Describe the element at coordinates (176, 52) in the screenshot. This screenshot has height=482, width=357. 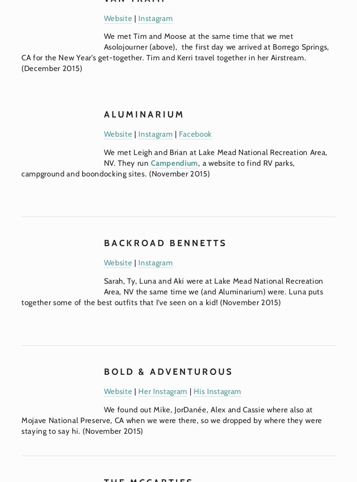
I see `'We met Tim and Moose at the same time that we met Asolojourner (above),  the first day we arrived at Borrego Springs, CA for the New Year’s get-together. Tim and Kerri travel together in her Airstream. (December 2015)'` at that location.